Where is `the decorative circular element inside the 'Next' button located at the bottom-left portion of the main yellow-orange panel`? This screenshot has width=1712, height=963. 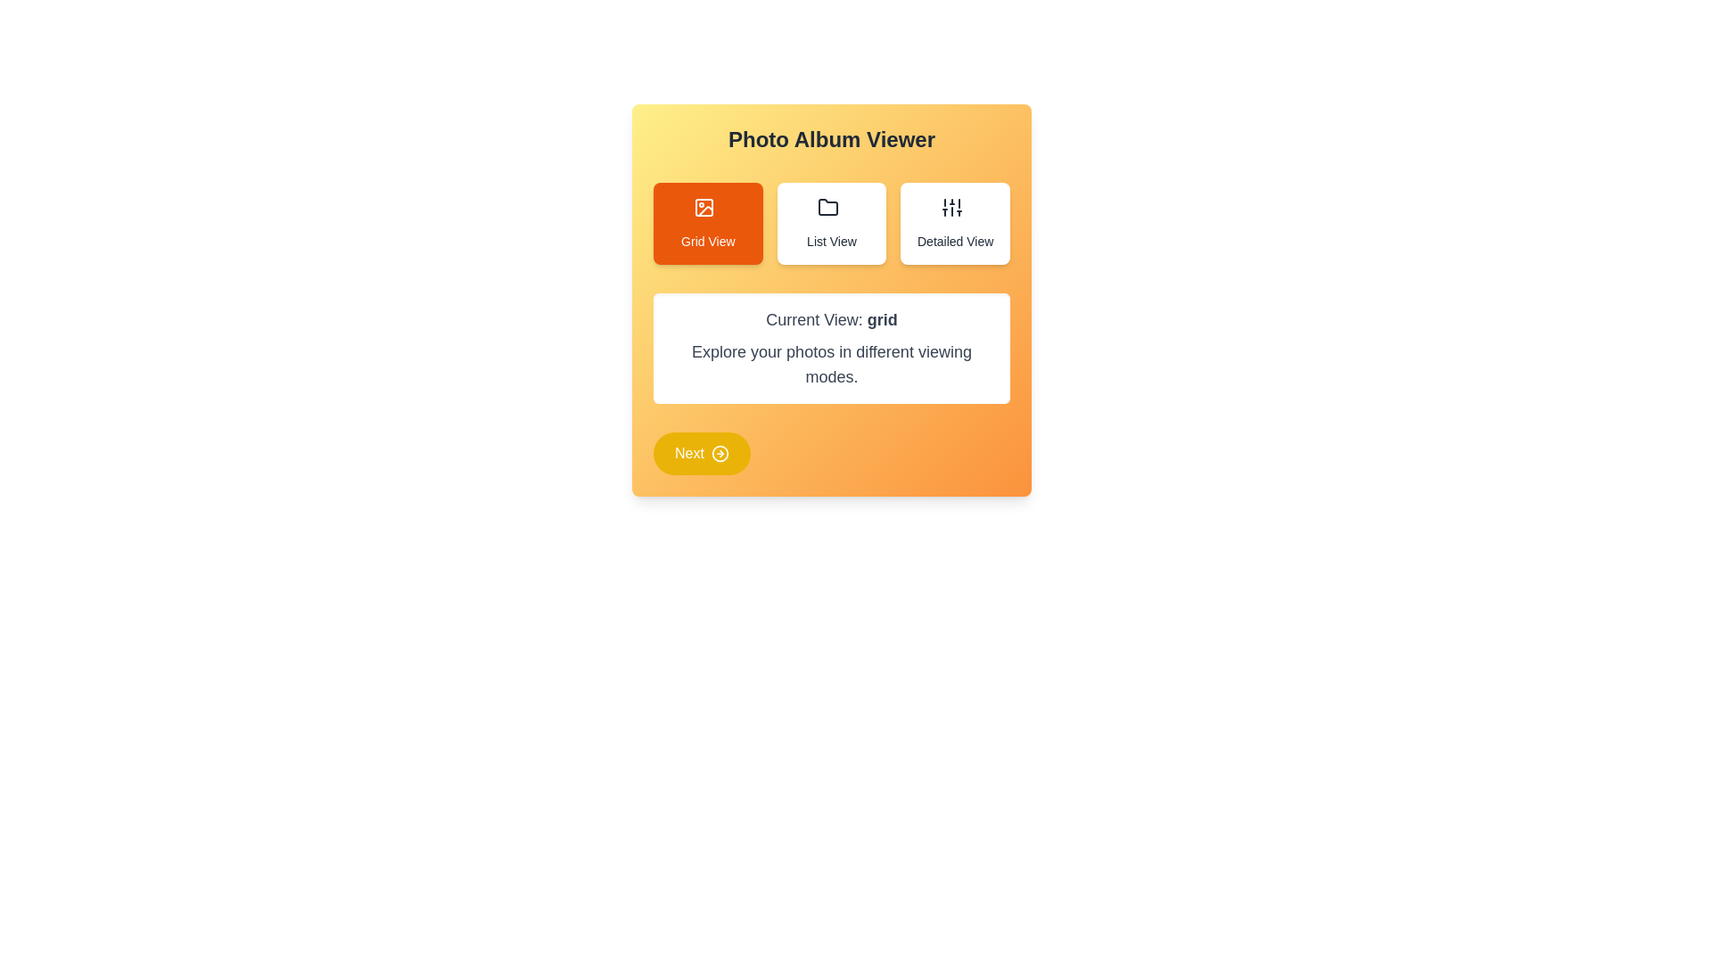 the decorative circular element inside the 'Next' button located at the bottom-left portion of the main yellow-orange panel is located at coordinates (720, 453).